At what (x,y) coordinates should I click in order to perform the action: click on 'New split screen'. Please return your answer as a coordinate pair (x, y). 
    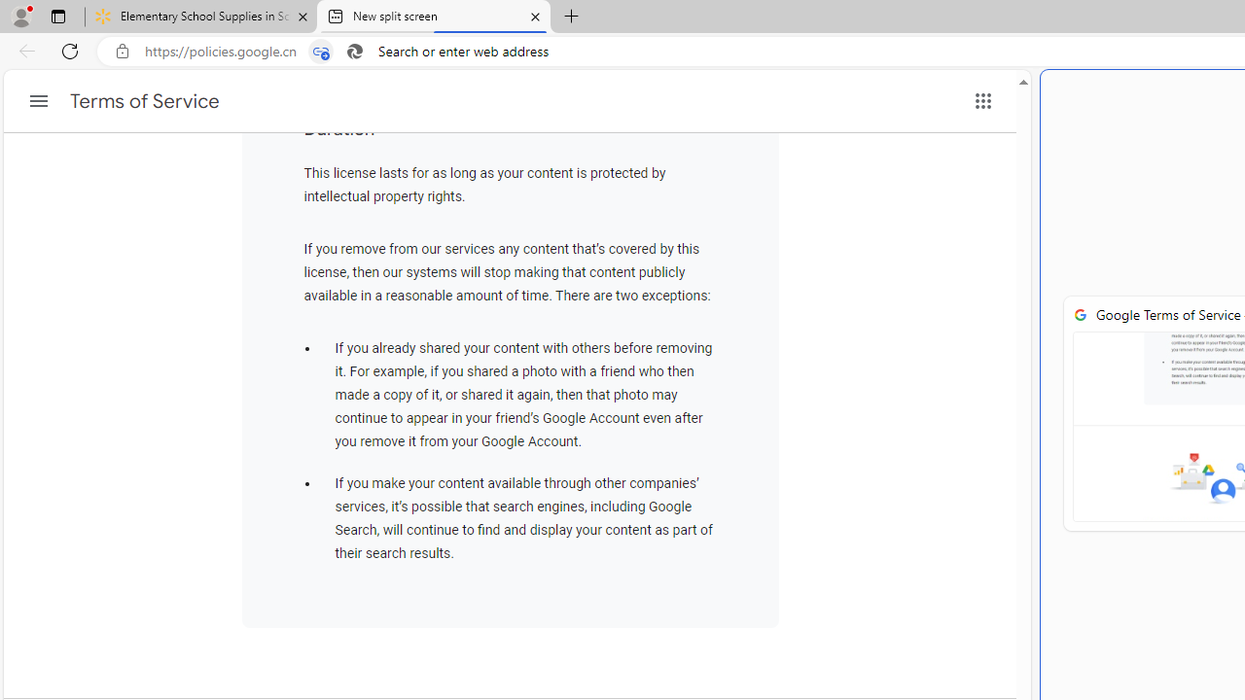
    Looking at the image, I should click on (432, 17).